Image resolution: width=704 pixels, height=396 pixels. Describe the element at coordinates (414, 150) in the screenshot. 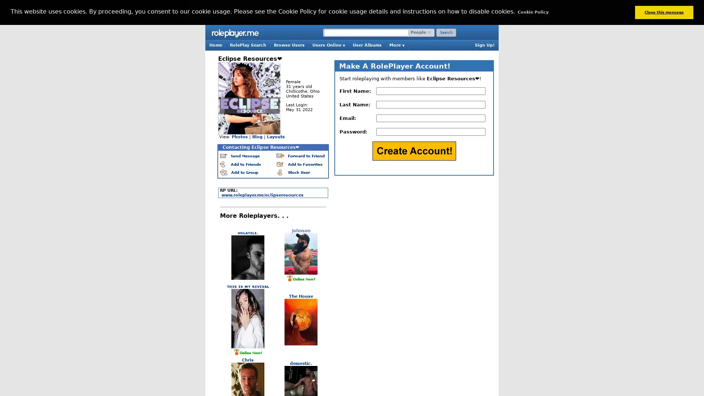

I see `Submit` at that location.